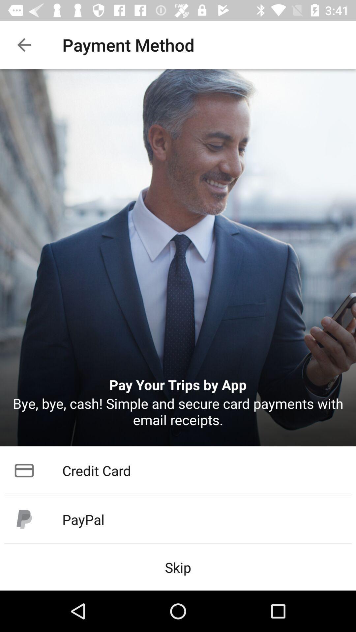 The height and width of the screenshot is (632, 356). I want to click on the item above paypal, so click(178, 470).